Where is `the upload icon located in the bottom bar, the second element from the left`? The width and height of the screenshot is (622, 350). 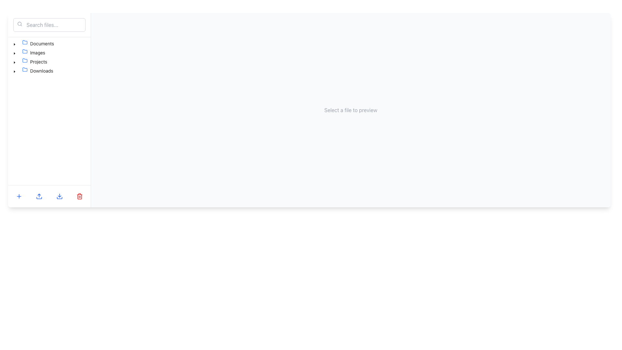
the upload icon located in the bottom bar, the second element from the left is located at coordinates (39, 196).